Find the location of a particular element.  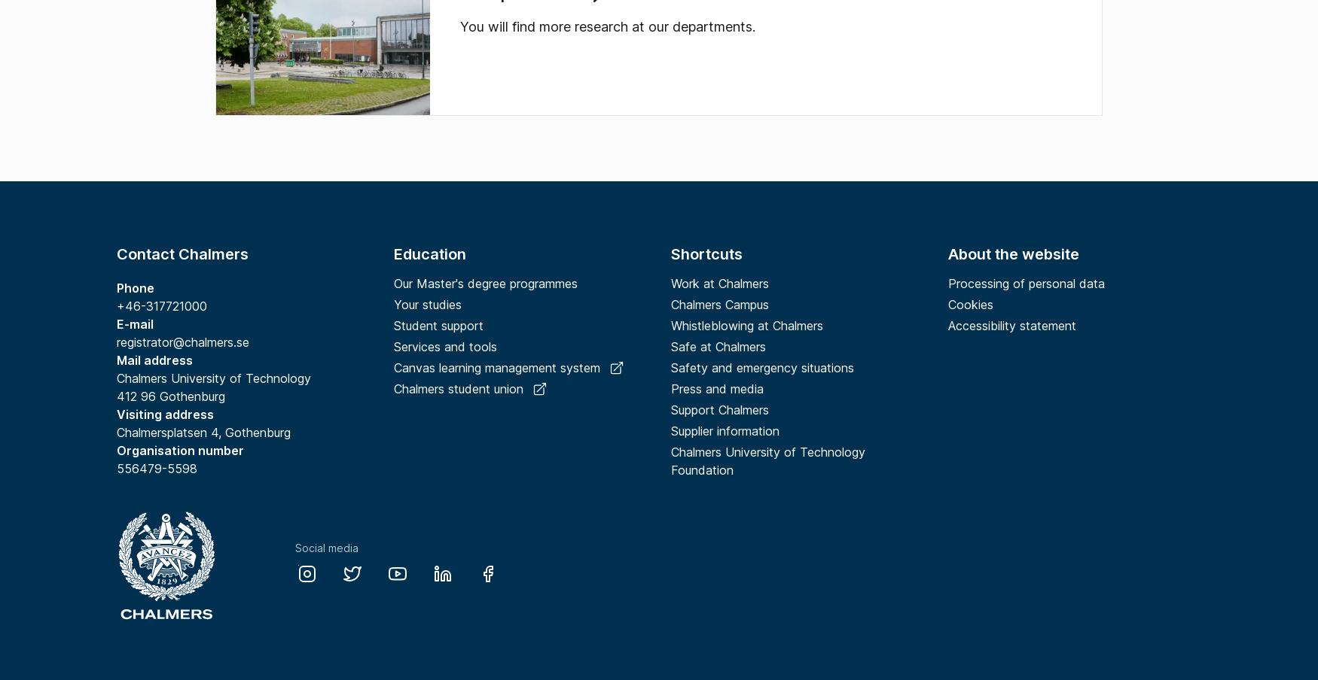

'556479-5598' is located at coordinates (159, 469).